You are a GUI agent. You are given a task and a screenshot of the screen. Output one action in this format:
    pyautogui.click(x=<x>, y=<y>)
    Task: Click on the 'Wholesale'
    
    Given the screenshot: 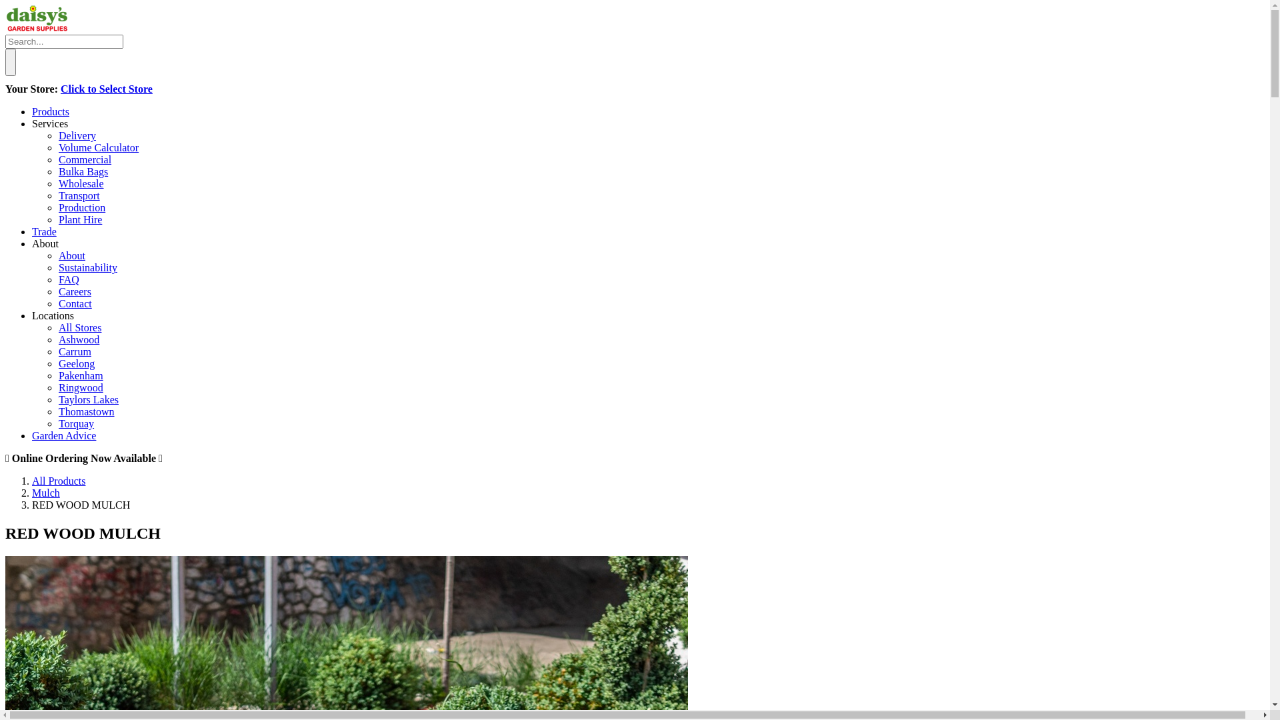 What is the action you would take?
    pyautogui.click(x=80, y=183)
    